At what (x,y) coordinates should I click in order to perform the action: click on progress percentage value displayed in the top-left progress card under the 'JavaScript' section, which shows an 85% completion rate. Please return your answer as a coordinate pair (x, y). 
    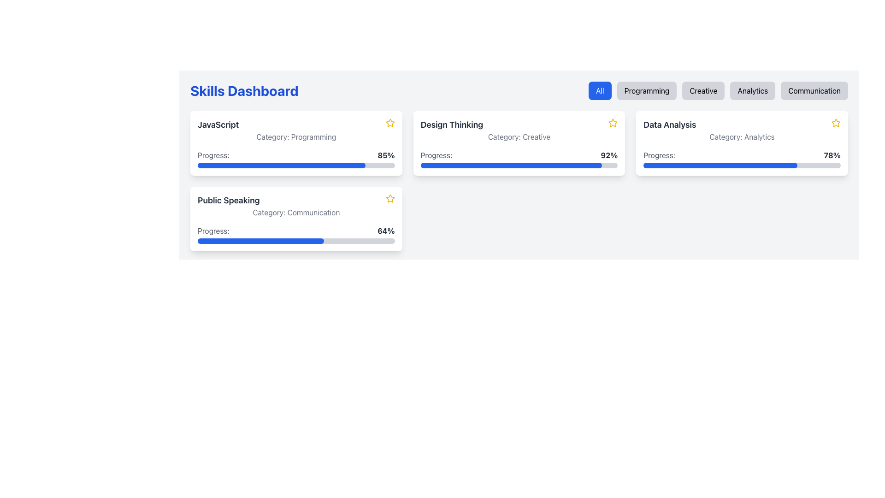
    Looking at the image, I should click on (296, 154).